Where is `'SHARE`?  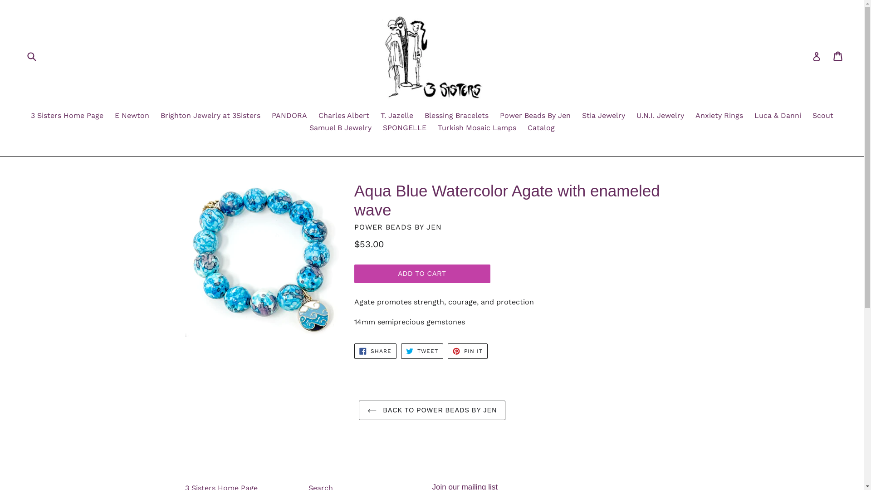
'SHARE is located at coordinates (375, 351).